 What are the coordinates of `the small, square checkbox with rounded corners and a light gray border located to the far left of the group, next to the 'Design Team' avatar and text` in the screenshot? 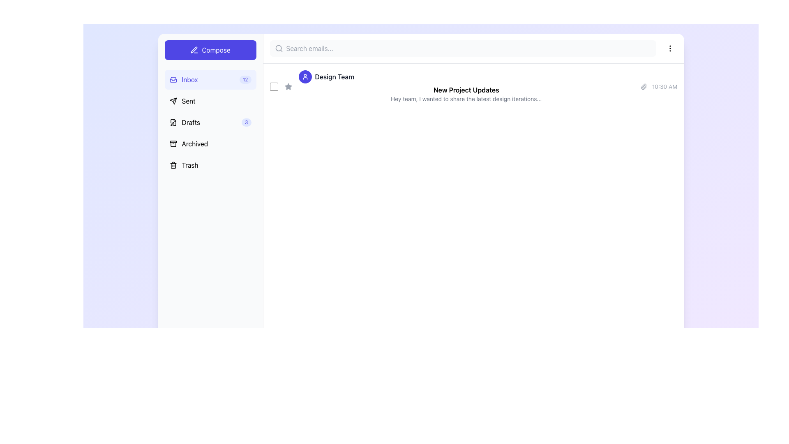 It's located at (274, 87).